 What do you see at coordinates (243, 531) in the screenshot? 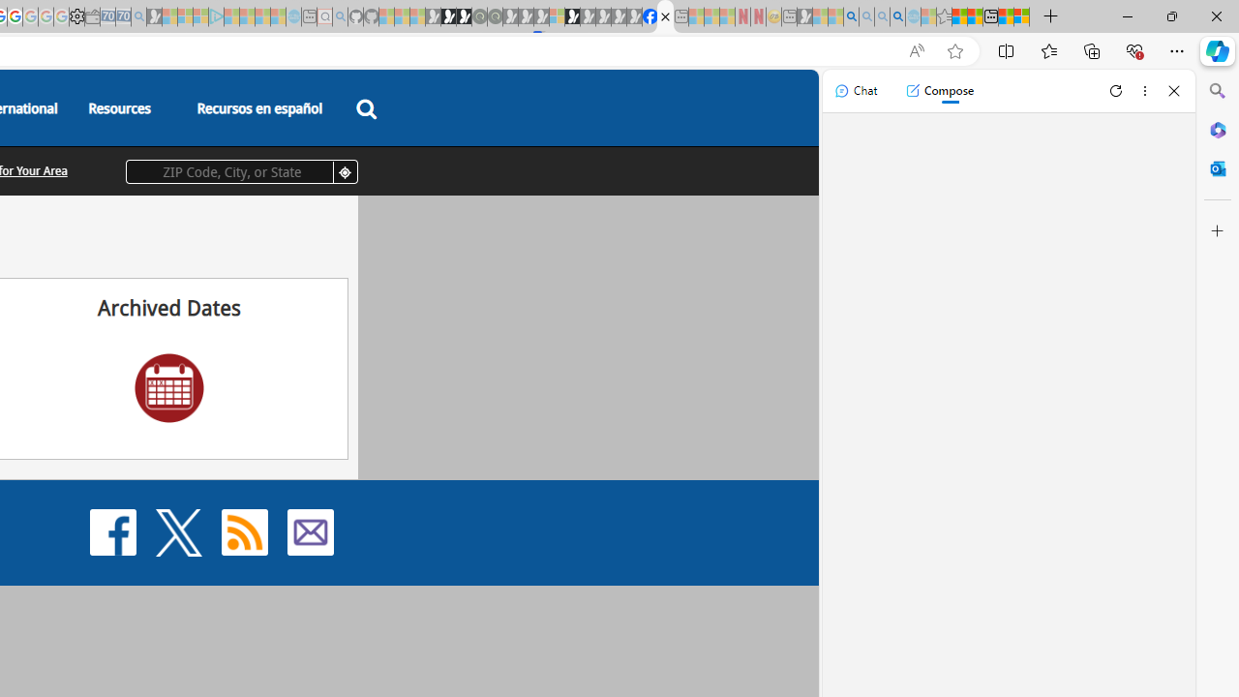
I see `'RSS'` at bounding box center [243, 531].